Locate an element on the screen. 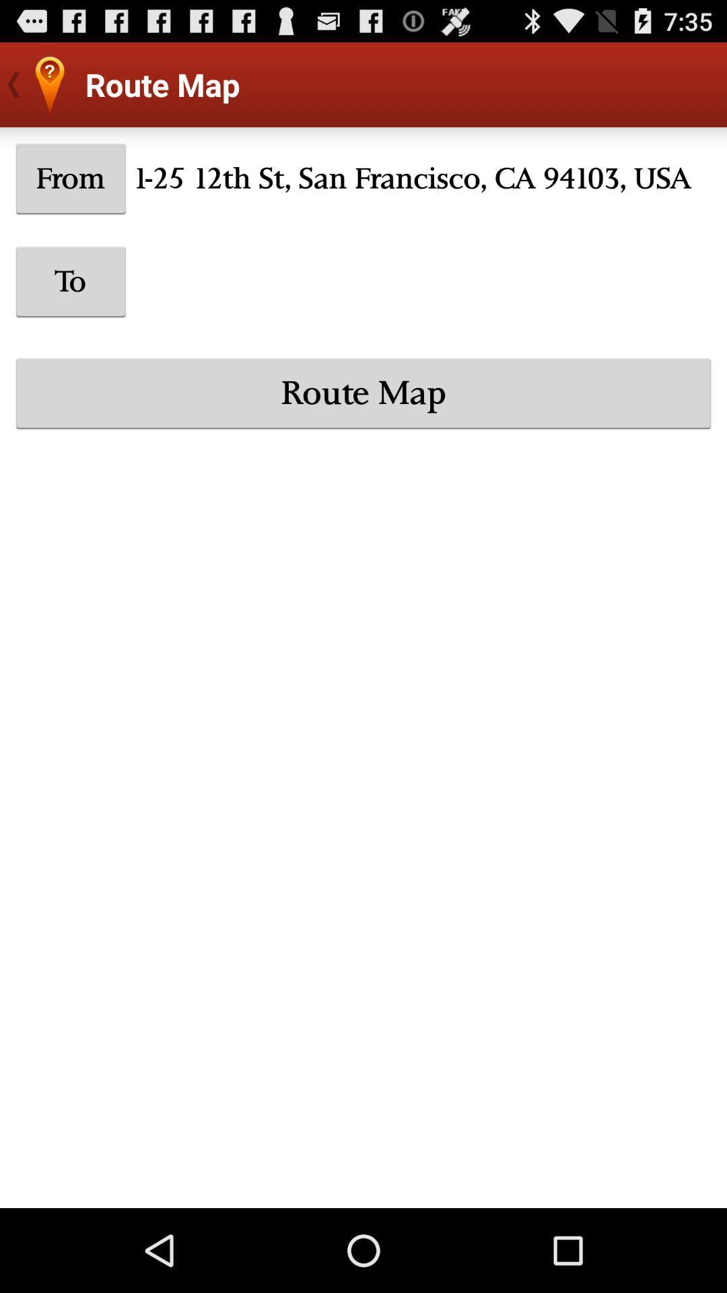 This screenshot has width=727, height=1293. icon above route map item is located at coordinates (71, 281).